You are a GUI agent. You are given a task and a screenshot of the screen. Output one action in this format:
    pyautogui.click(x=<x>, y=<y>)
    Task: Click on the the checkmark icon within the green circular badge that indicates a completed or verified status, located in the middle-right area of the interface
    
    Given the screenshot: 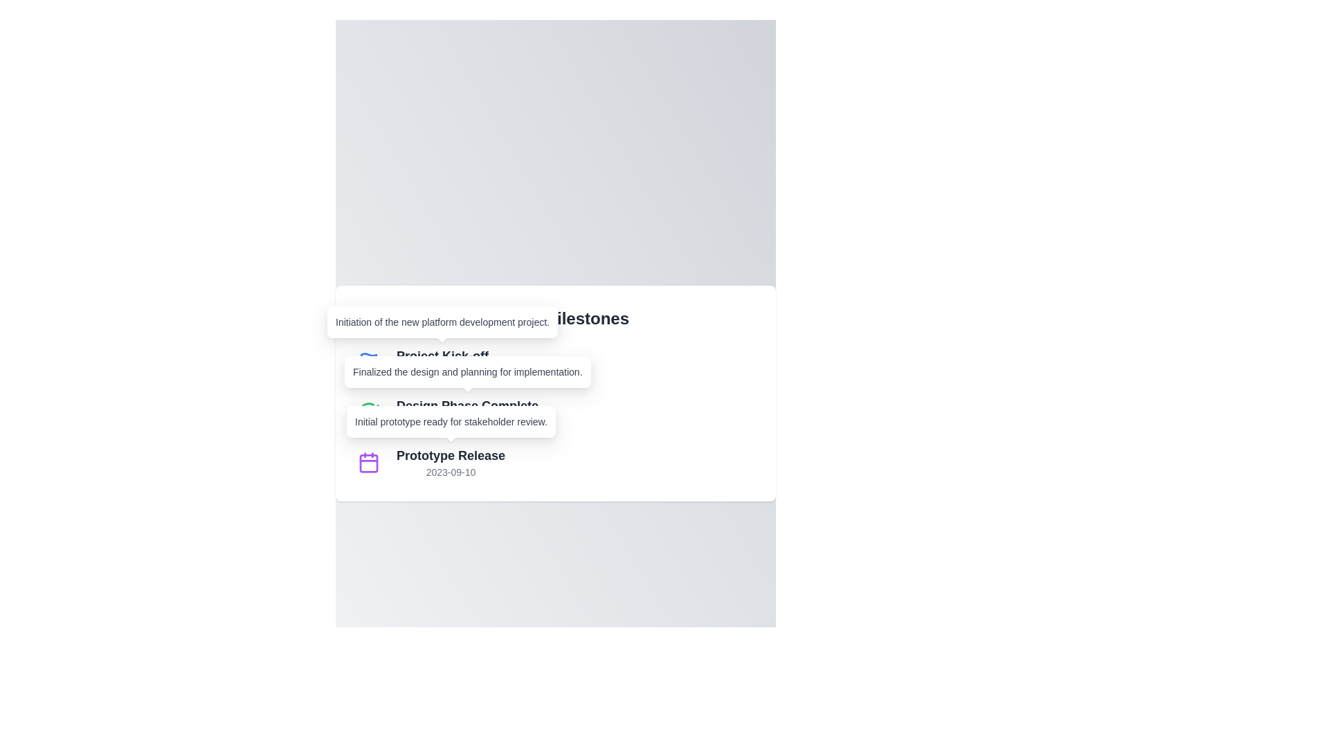 What is the action you would take?
    pyautogui.click(x=372, y=409)
    